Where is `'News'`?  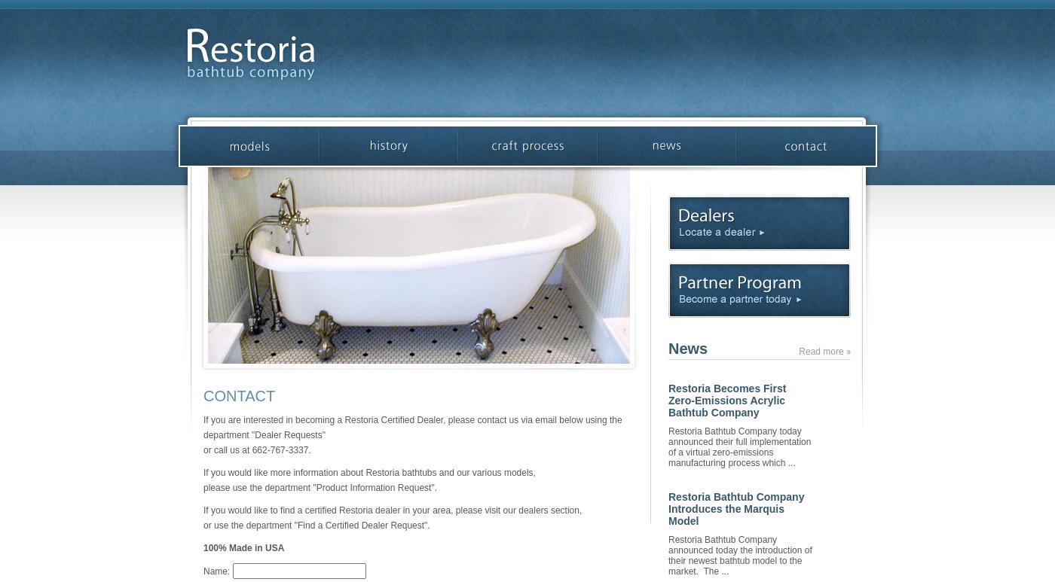
'News' is located at coordinates (687, 348).